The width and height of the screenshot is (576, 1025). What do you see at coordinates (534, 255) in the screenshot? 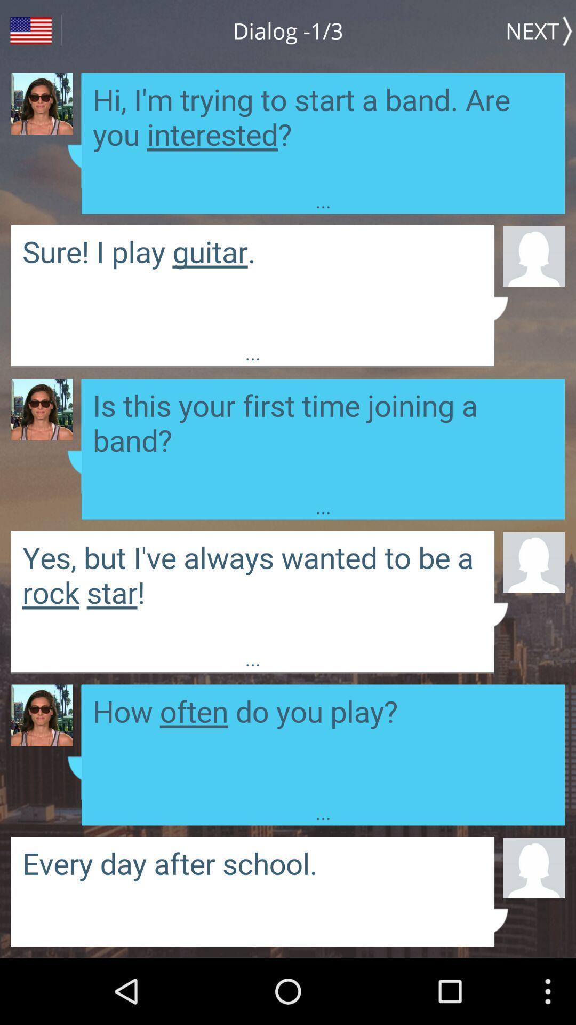
I see `the app below the ...` at bounding box center [534, 255].